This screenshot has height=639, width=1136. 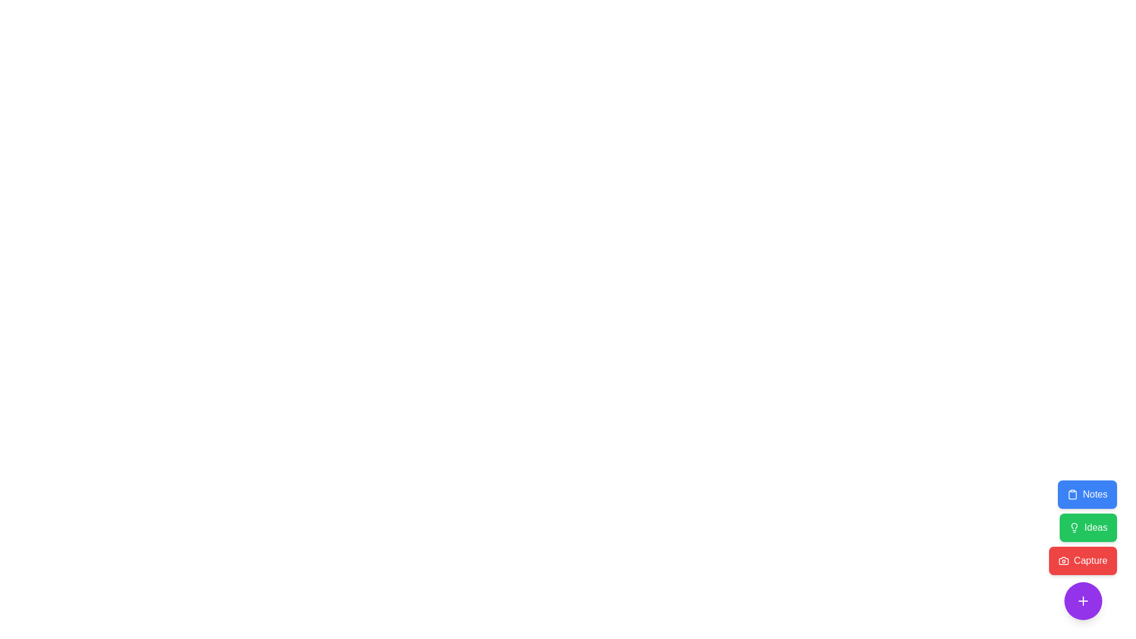 What do you see at coordinates (1083, 527) in the screenshot?
I see `the green 'Ideas' button with a light bulb icon located at the bottom-right corner of the interface` at bounding box center [1083, 527].